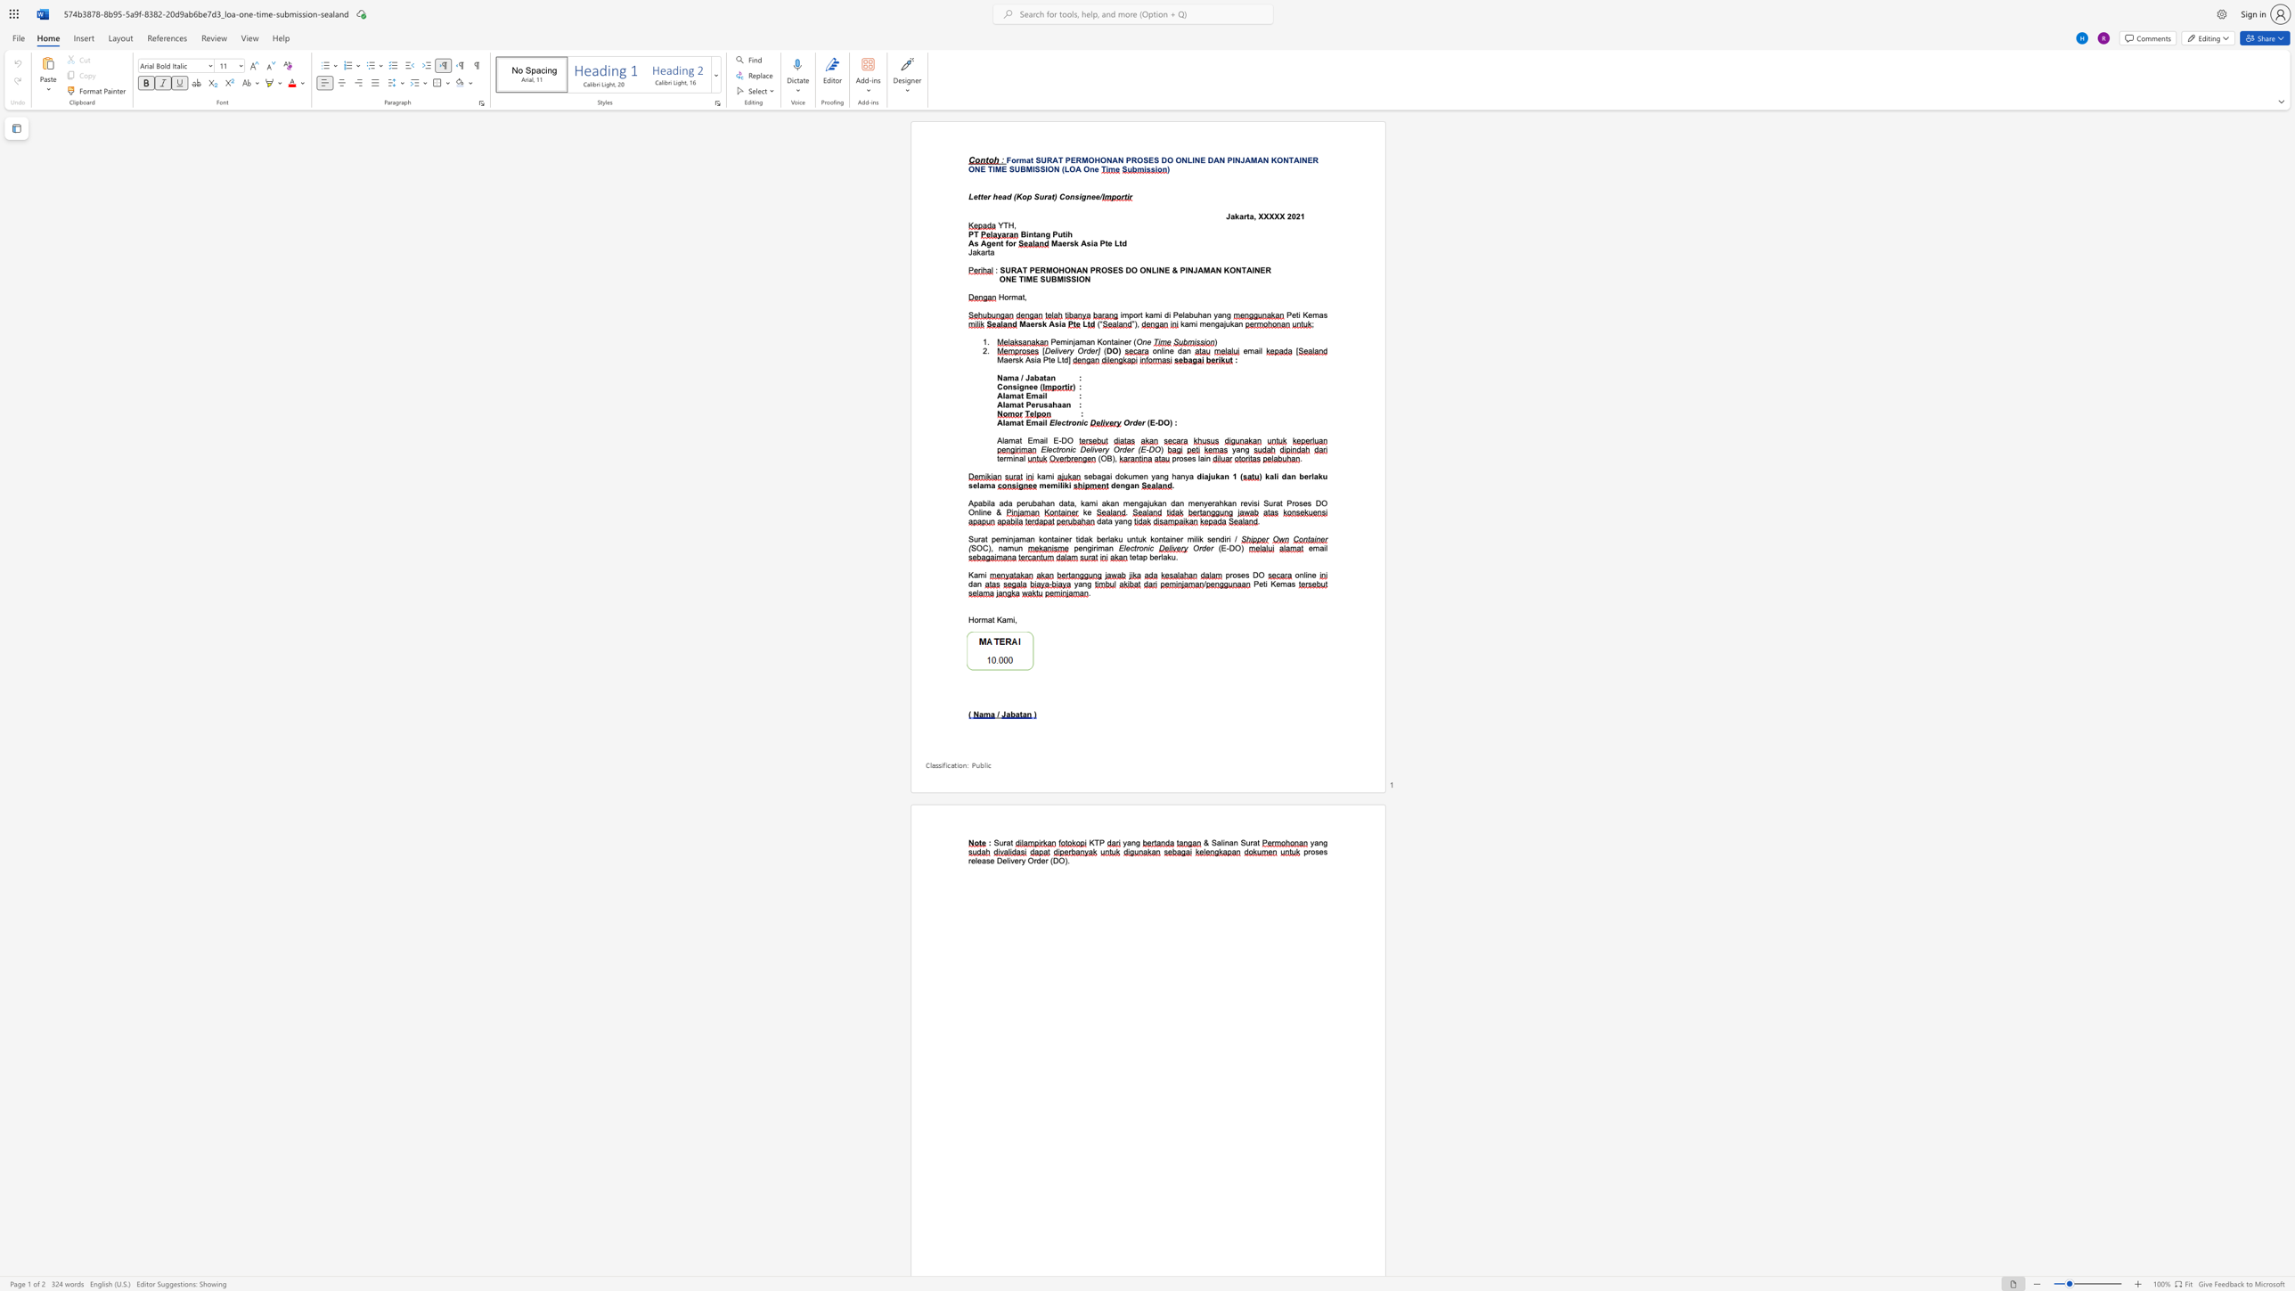 The width and height of the screenshot is (2295, 1291). Describe the element at coordinates (974, 512) in the screenshot. I see `the subset text "nl" within the text "Proses DO Online &"` at that location.